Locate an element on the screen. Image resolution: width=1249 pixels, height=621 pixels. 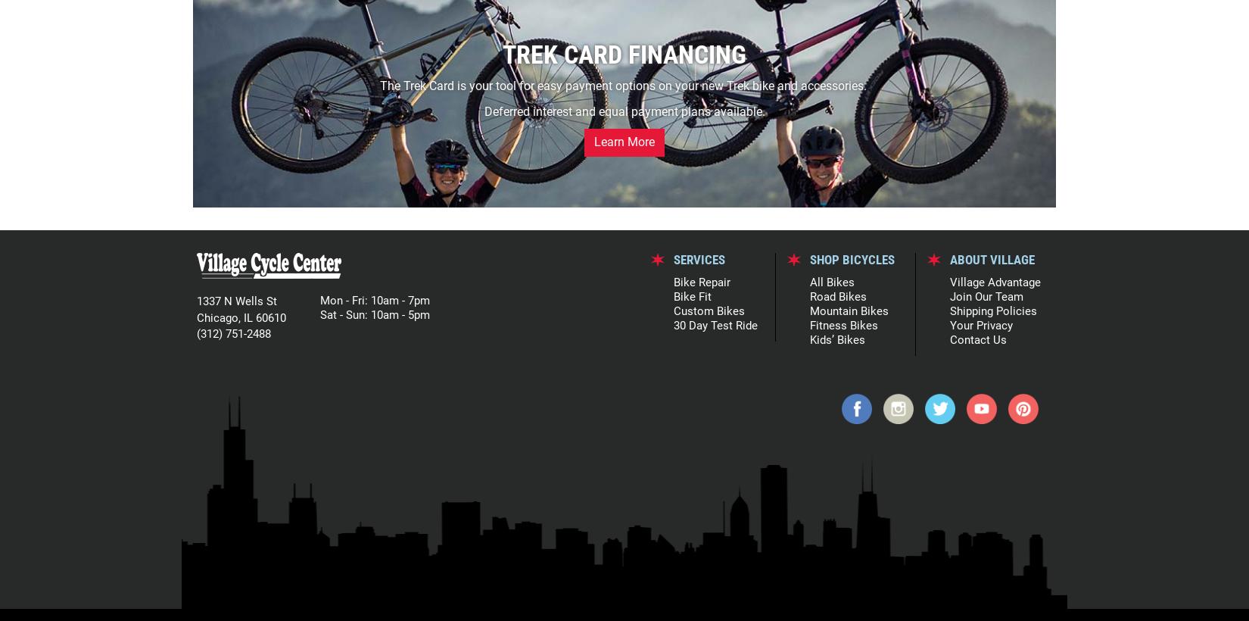
'Contact Us' is located at coordinates (948, 338).